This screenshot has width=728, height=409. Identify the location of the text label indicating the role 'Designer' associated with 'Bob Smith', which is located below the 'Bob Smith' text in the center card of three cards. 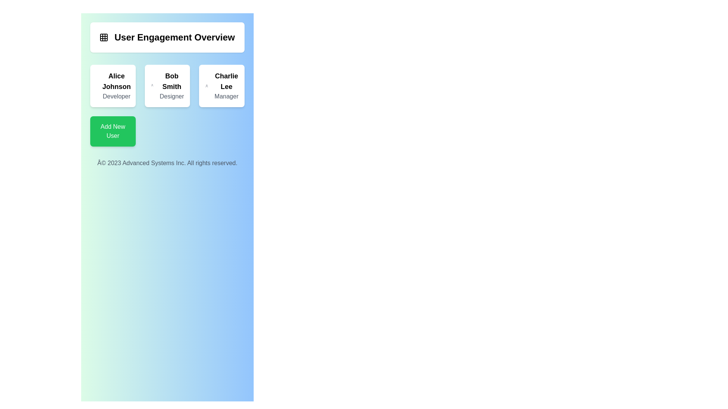
(171, 96).